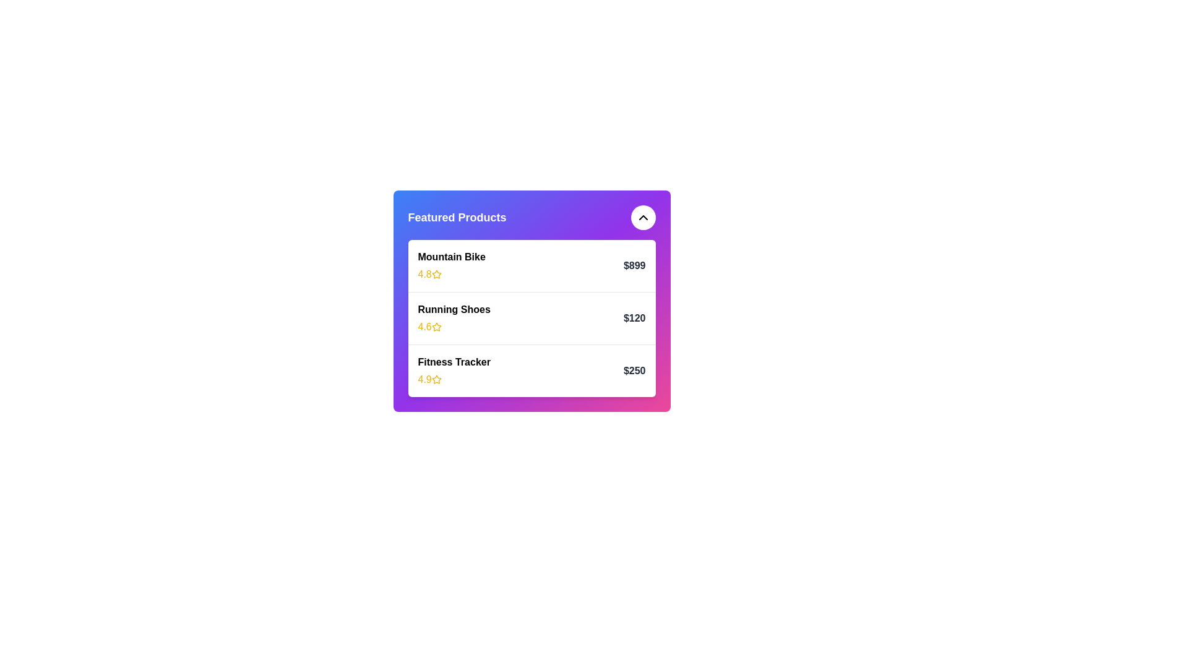  What do you see at coordinates (532, 318) in the screenshot?
I see `the white, rectangular card containing the product details within the 'Featured Products' section` at bounding box center [532, 318].